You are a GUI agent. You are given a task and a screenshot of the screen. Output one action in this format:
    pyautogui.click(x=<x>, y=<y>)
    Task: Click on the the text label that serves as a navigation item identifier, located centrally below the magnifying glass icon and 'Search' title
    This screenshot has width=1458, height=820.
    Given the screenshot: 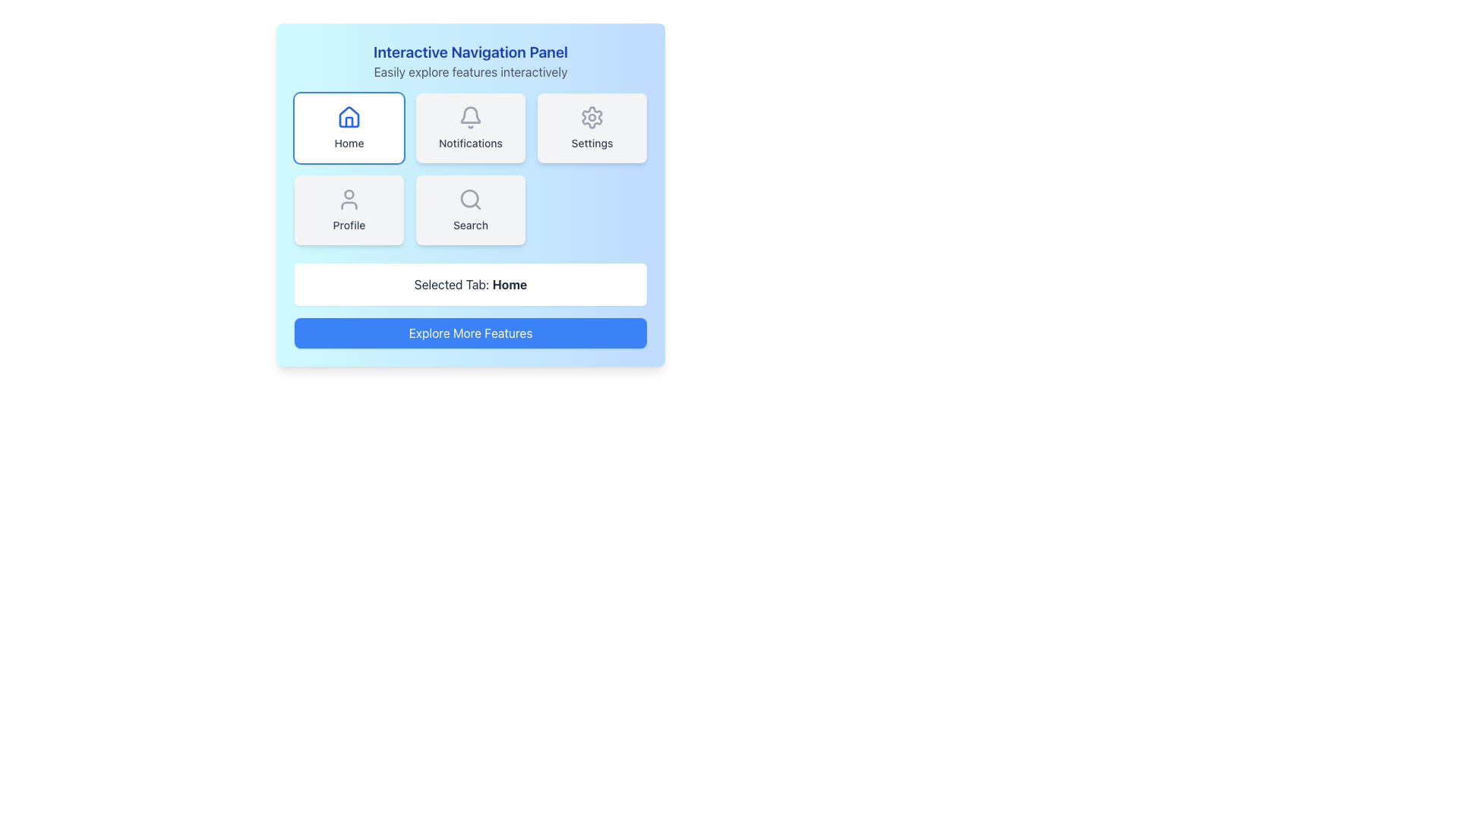 What is the action you would take?
    pyautogui.click(x=469, y=225)
    